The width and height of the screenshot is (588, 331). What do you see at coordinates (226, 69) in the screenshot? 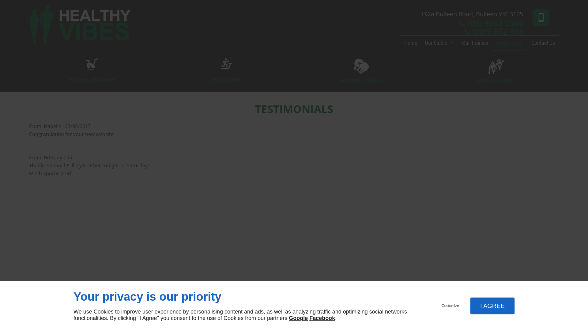
I see `'BOOT CAMP'` at bounding box center [226, 69].